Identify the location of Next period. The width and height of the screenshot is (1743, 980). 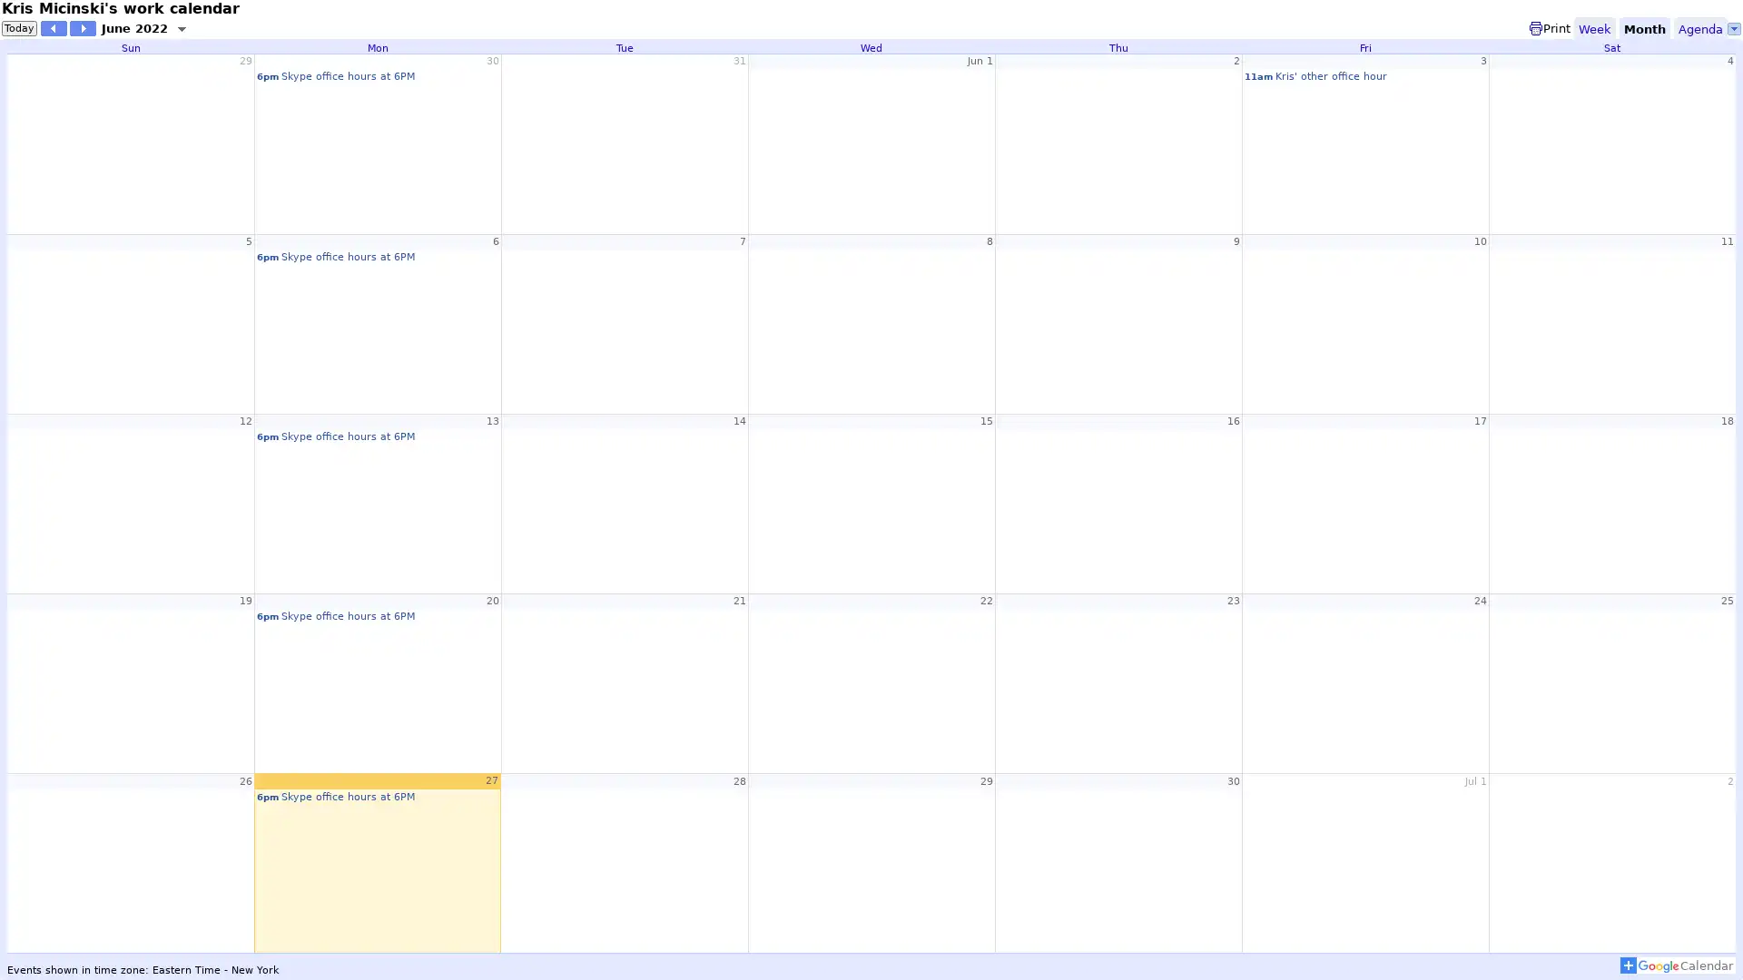
(82, 27).